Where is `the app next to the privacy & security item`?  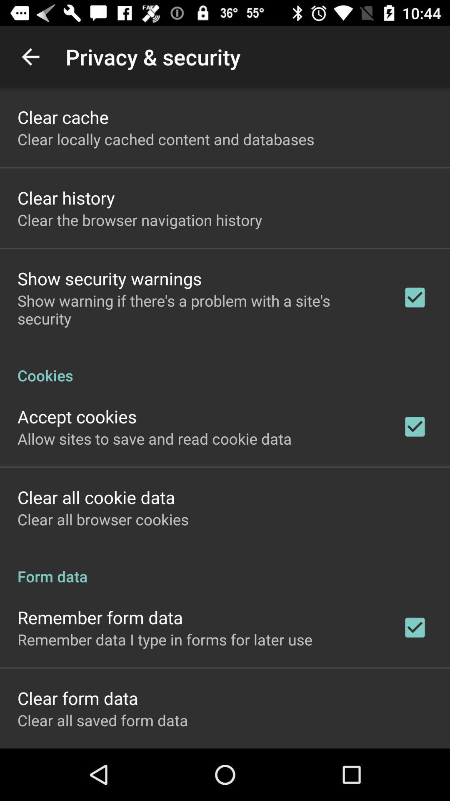 the app next to the privacy & security item is located at coordinates (30, 56).